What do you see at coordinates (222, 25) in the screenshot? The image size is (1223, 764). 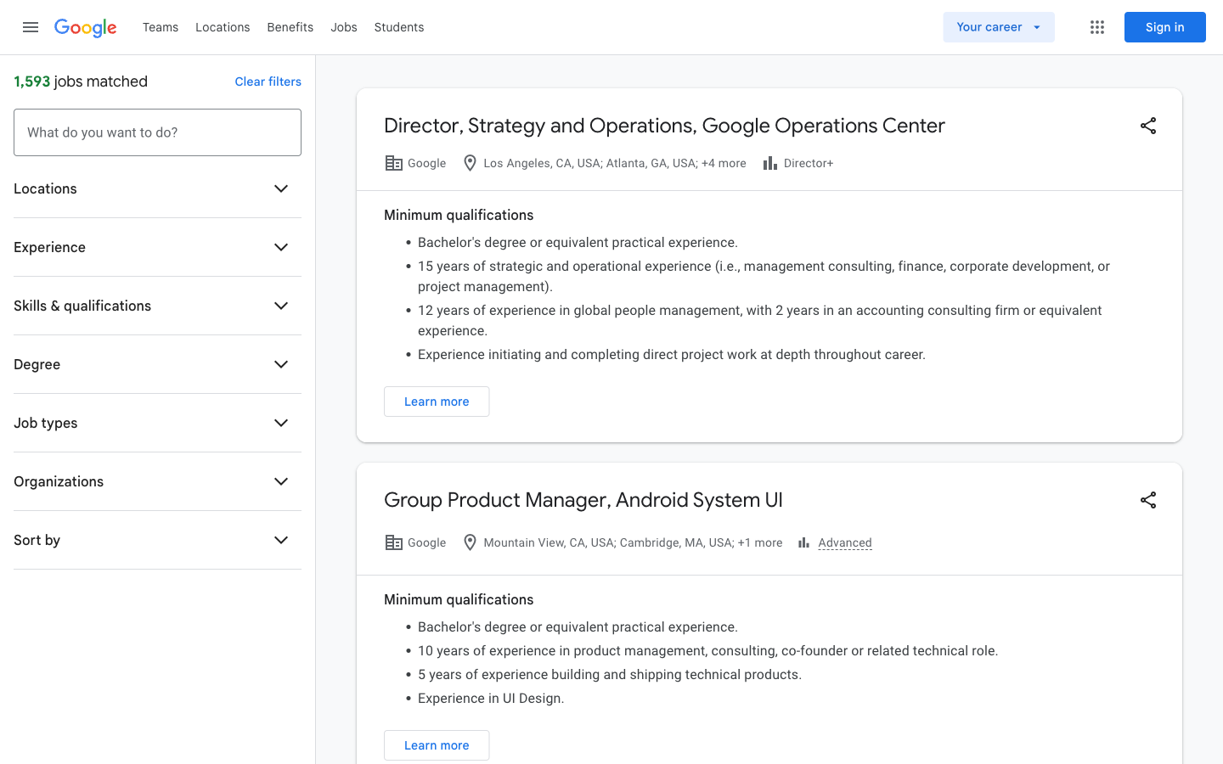 I see `Check all locations` at bounding box center [222, 25].